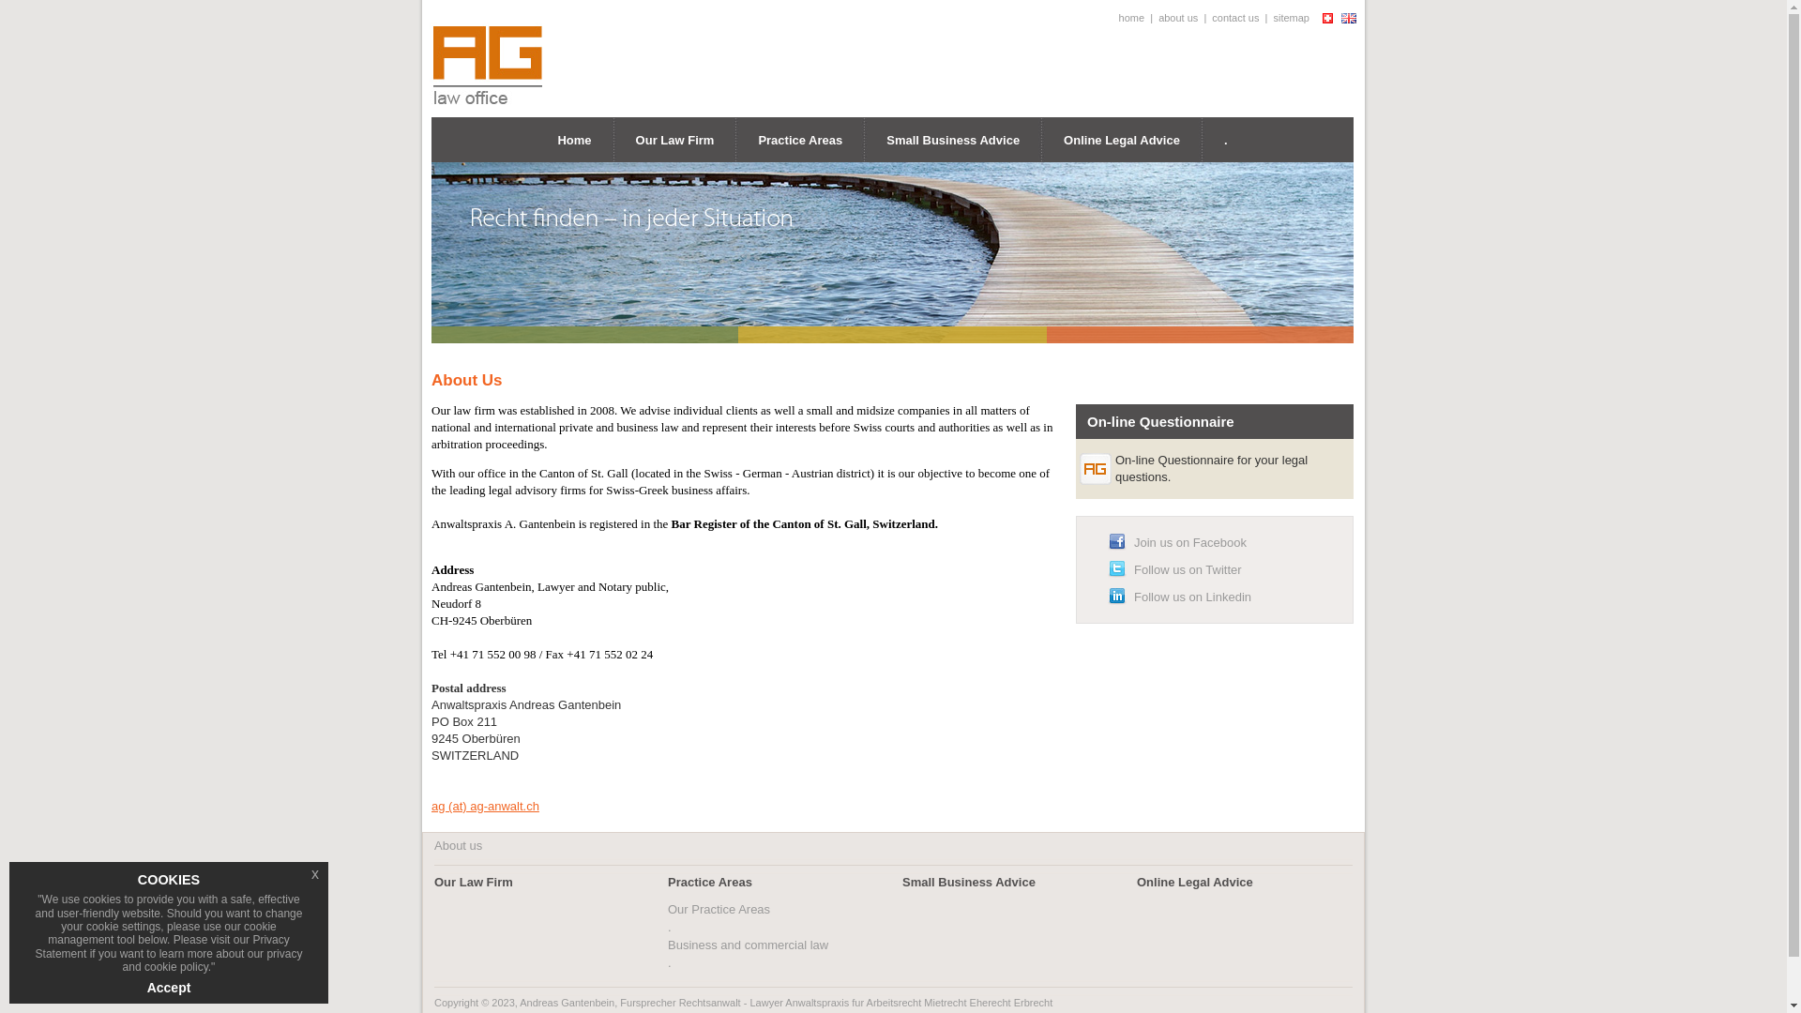 The image size is (1801, 1013). I want to click on 'Online Legal Advice', so click(1193, 882).